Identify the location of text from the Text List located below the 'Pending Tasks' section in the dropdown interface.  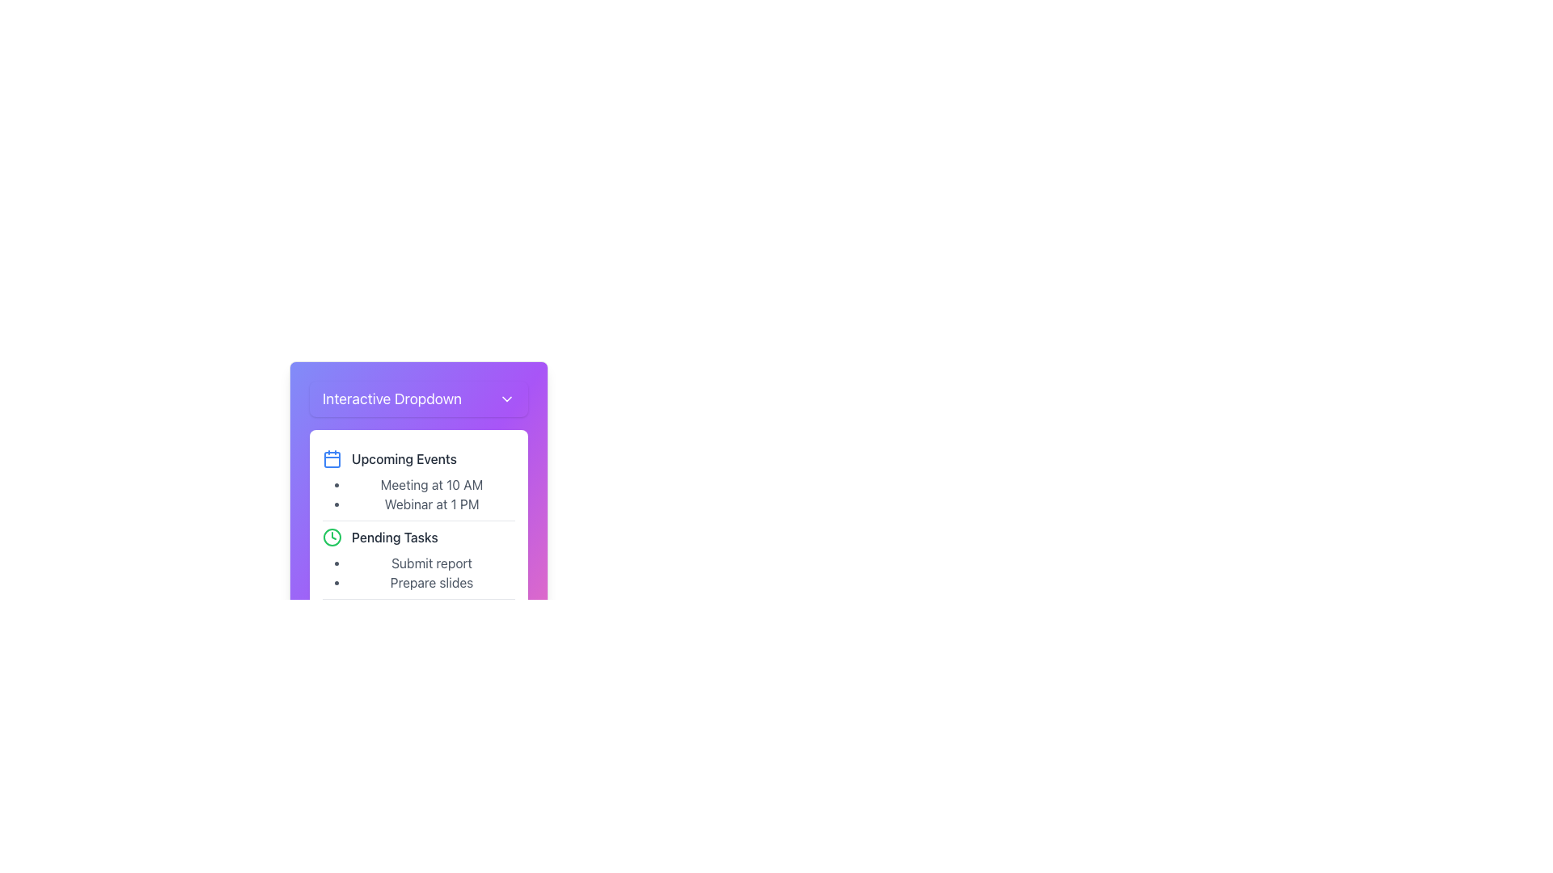
(431, 572).